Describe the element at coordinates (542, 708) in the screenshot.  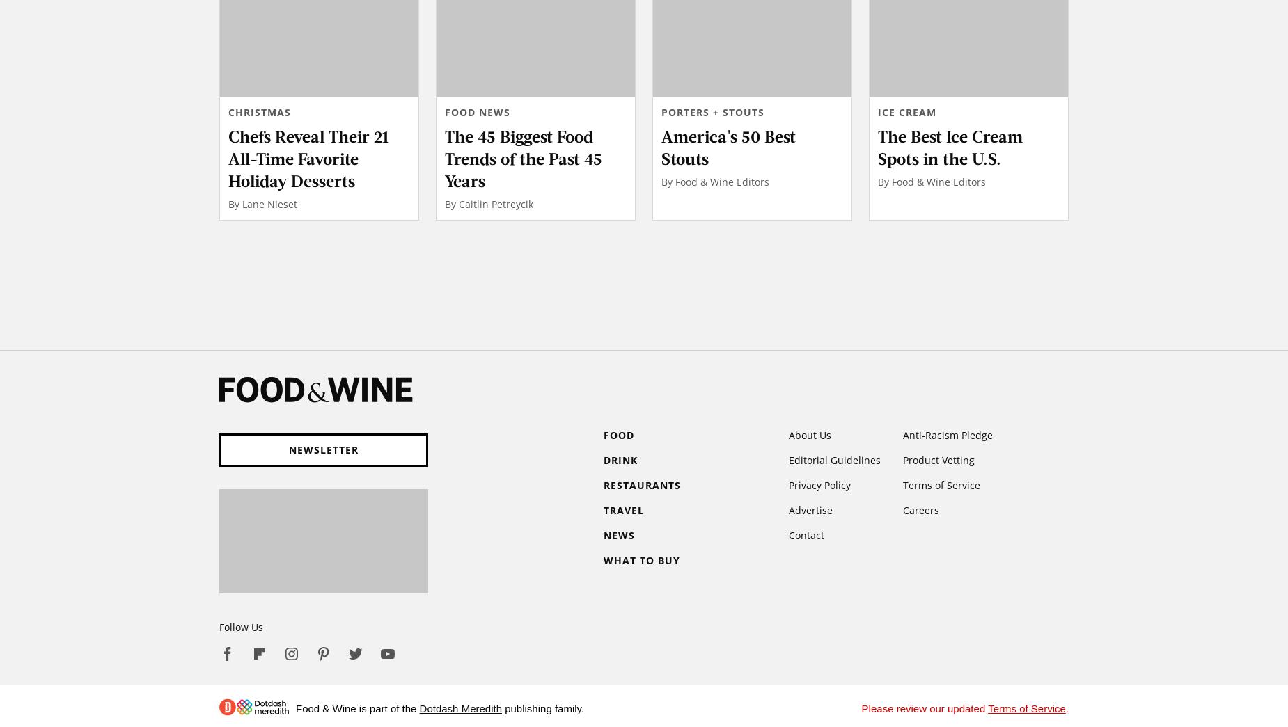
I see `'publishing family.'` at that location.